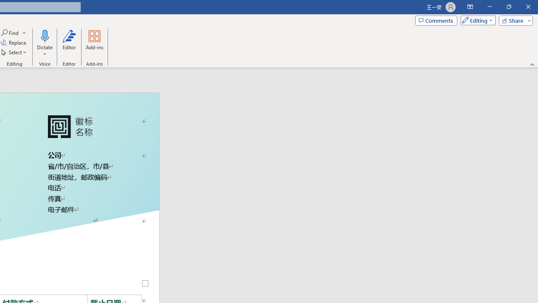  Describe the element at coordinates (532, 64) in the screenshot. I see `'Collapse the Ribbon'` at that location.